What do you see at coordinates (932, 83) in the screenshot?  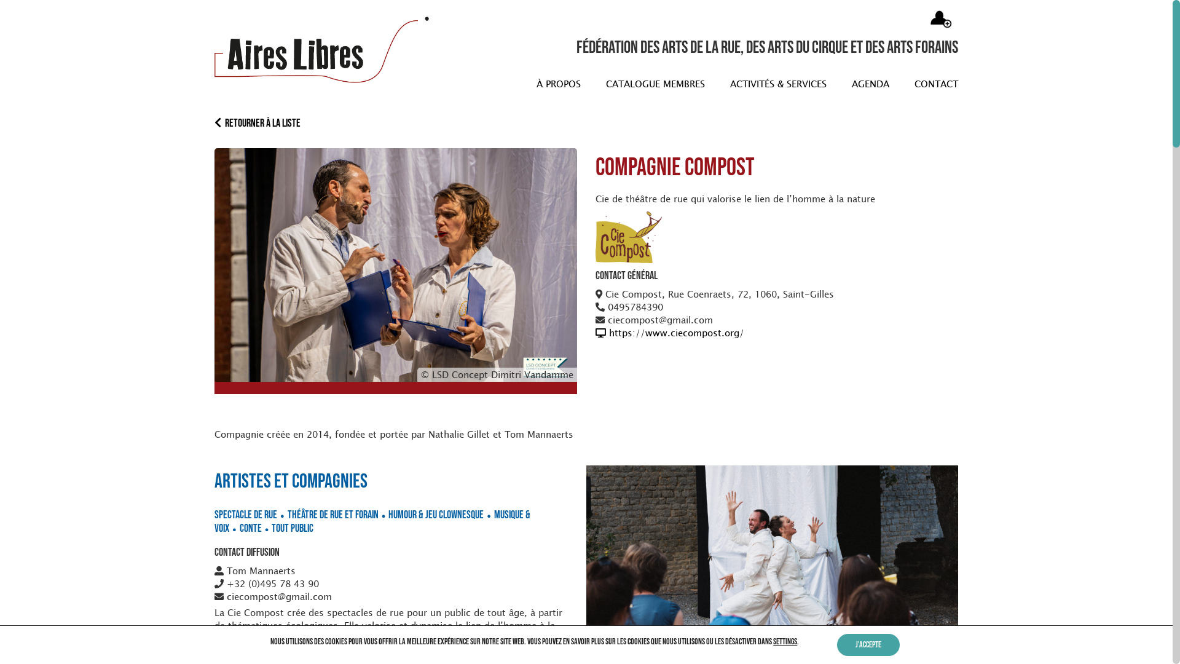 I see `'CONTACT'` at bounding box center [932, 83].